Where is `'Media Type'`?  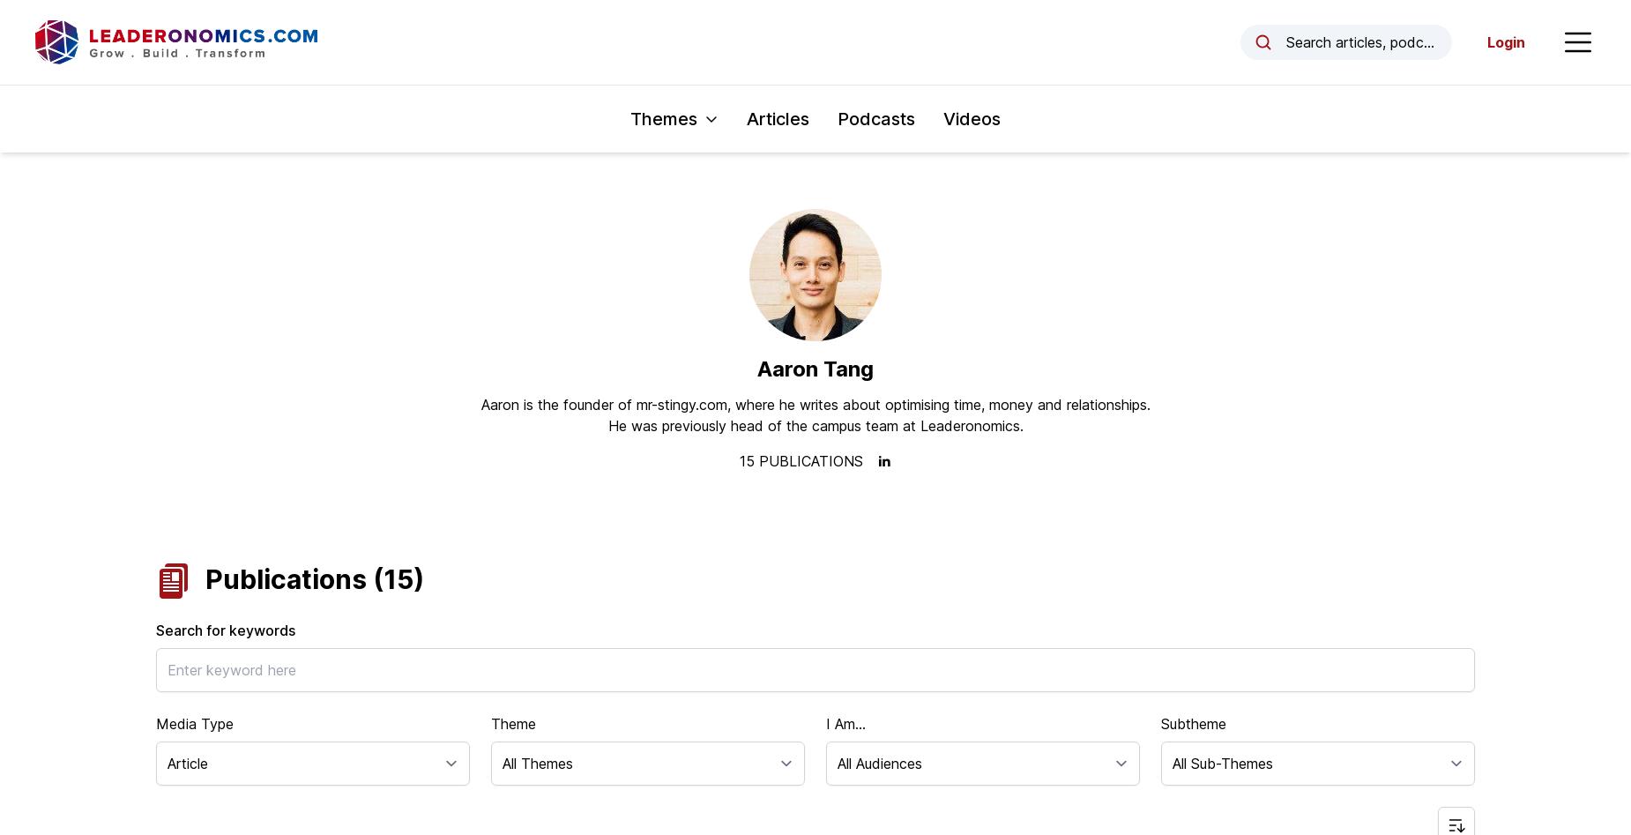
'Media Type' is located at coordinates (194, 723).